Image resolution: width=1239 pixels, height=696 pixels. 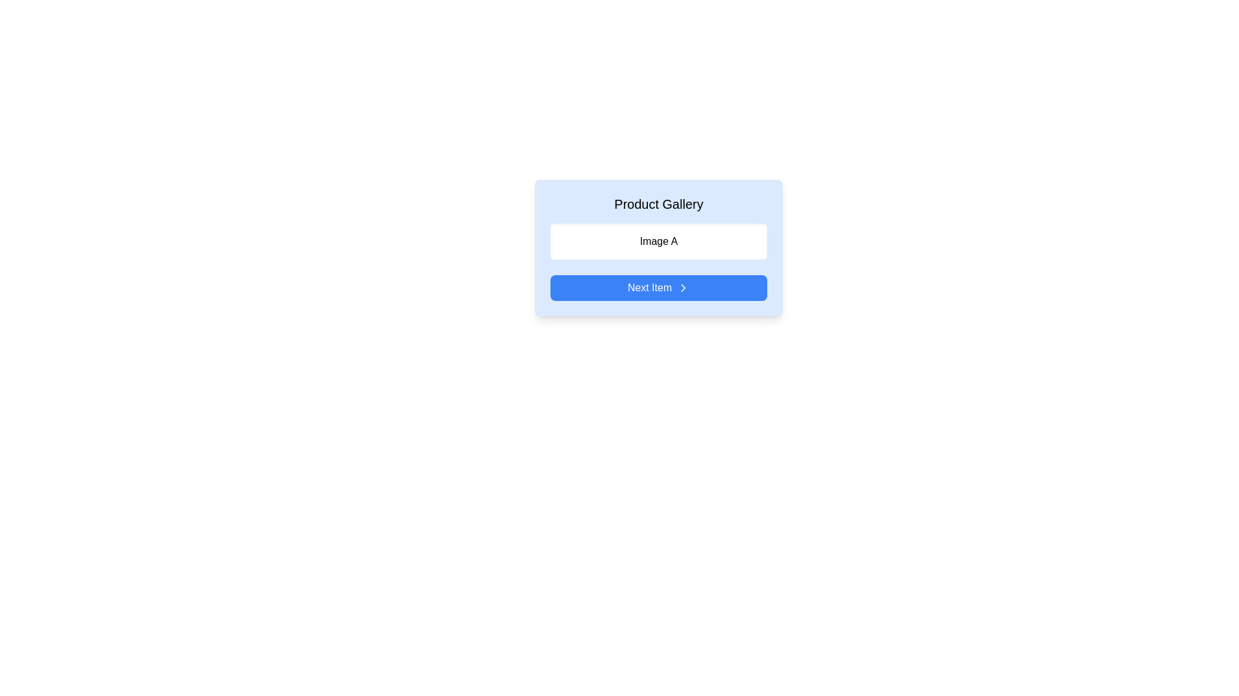 I want to click on the rightward-pointing chevron icon located at the end of the 'Next Item' blue button, so click(x=683, y=287).